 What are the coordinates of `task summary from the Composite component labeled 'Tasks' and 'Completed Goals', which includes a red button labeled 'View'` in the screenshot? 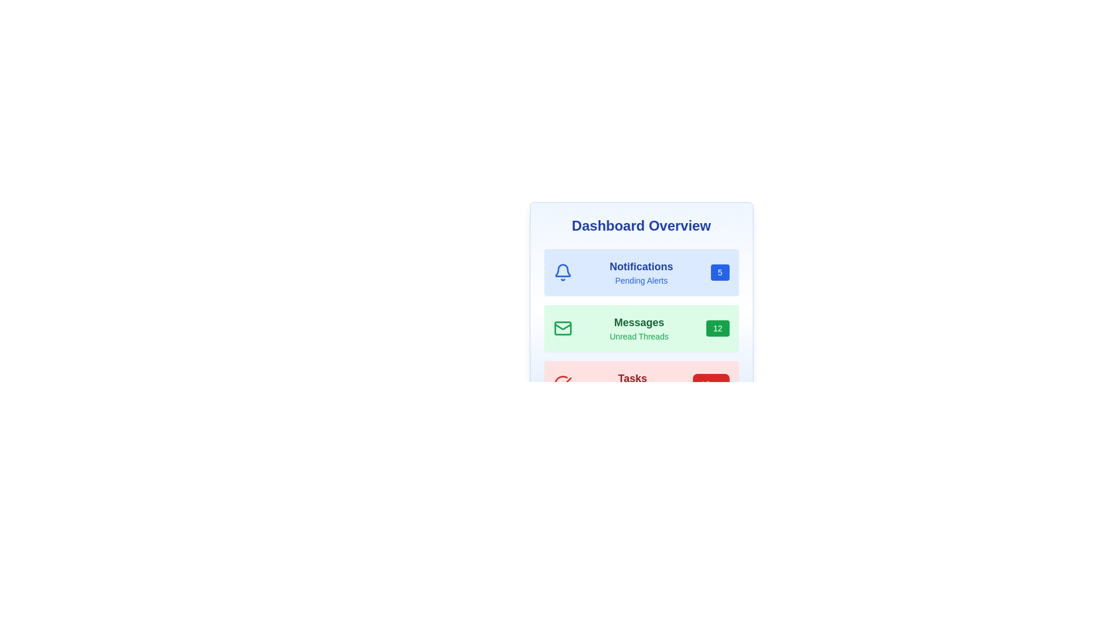 It's located at (641, 384).